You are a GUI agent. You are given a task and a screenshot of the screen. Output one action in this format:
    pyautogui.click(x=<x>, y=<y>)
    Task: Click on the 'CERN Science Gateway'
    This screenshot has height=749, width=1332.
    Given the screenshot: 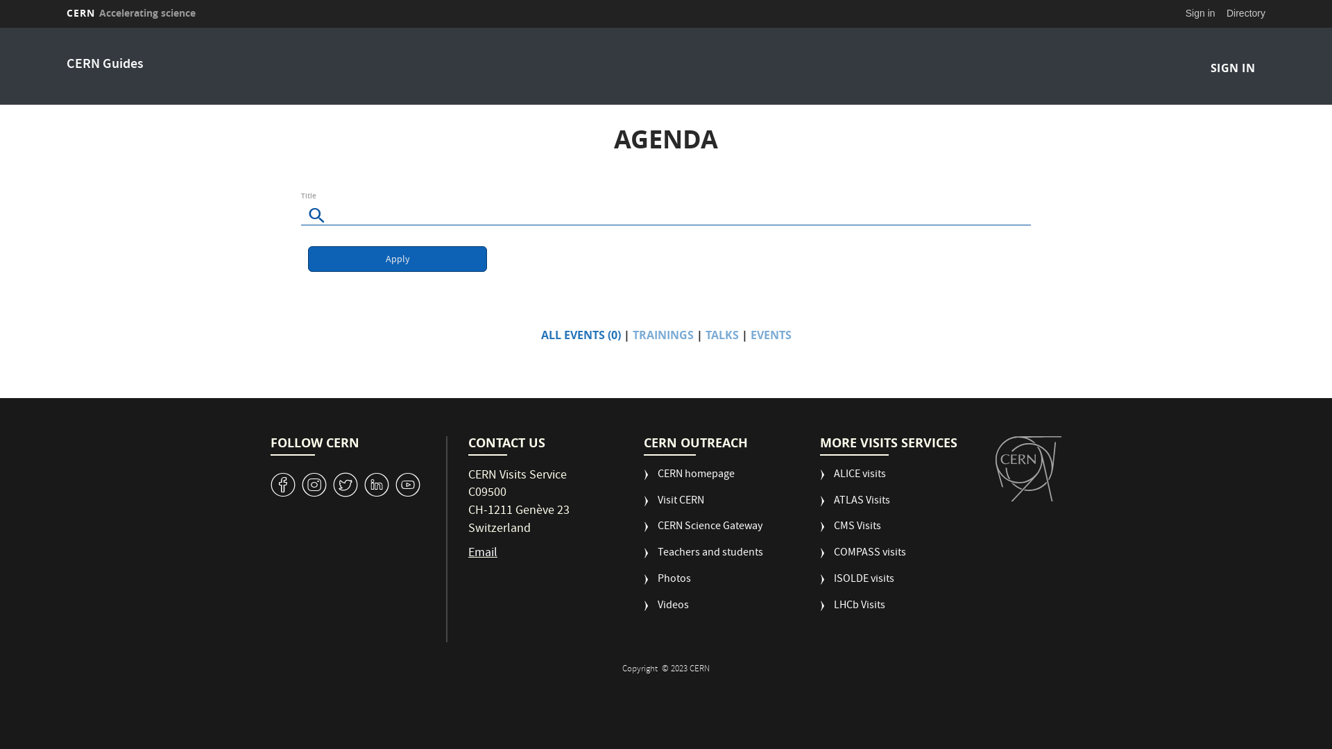 What is the action you would take?
    pyautogui.click(x=642, y=531)
    